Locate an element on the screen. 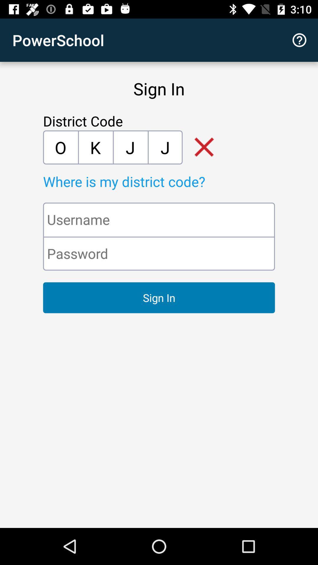  the item next to the k icon is located at coordinates (60, 147).